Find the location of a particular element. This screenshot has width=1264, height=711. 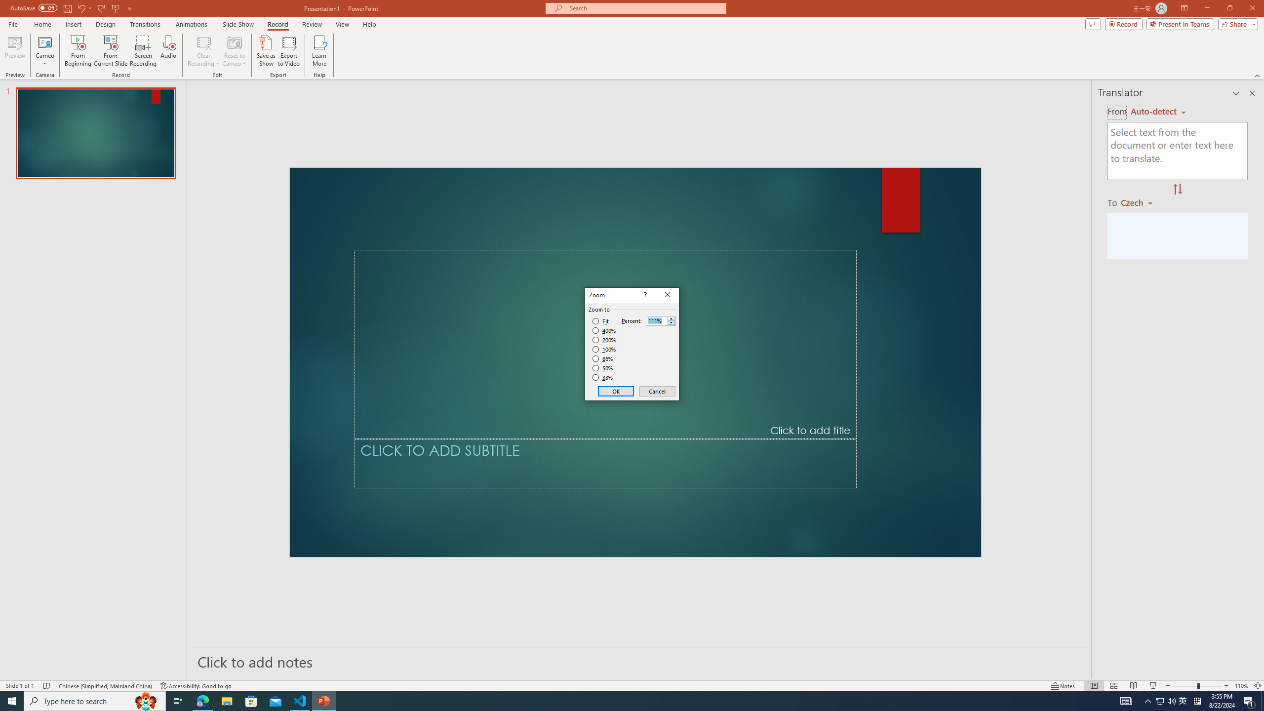

'Zoom Out' is located at coordinates (1172, 671).